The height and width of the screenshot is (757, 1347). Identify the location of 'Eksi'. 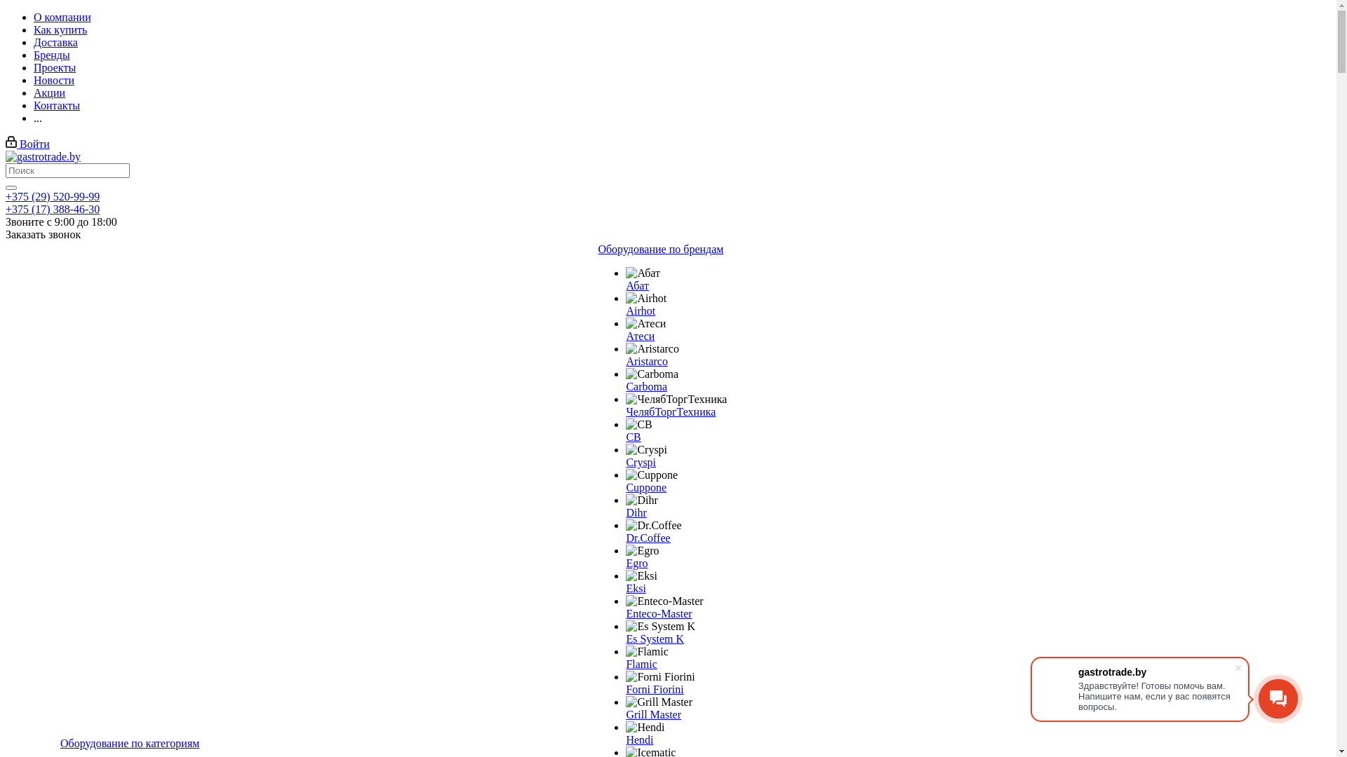
(635, 588).